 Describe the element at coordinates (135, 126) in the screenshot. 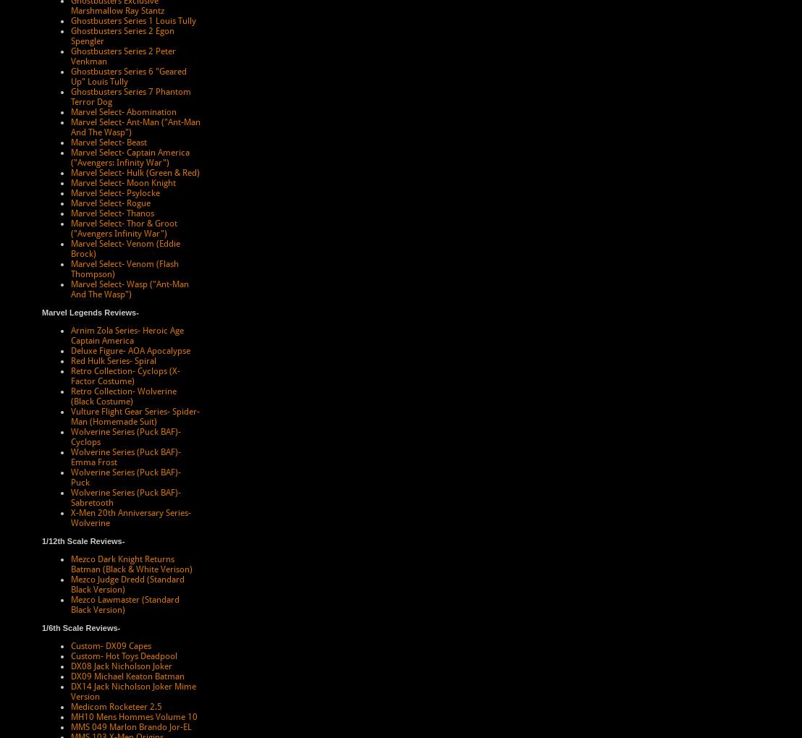

I see `'Marvel Select- Ant-Man ("Ant-Man And The Wasp")'` at that location.